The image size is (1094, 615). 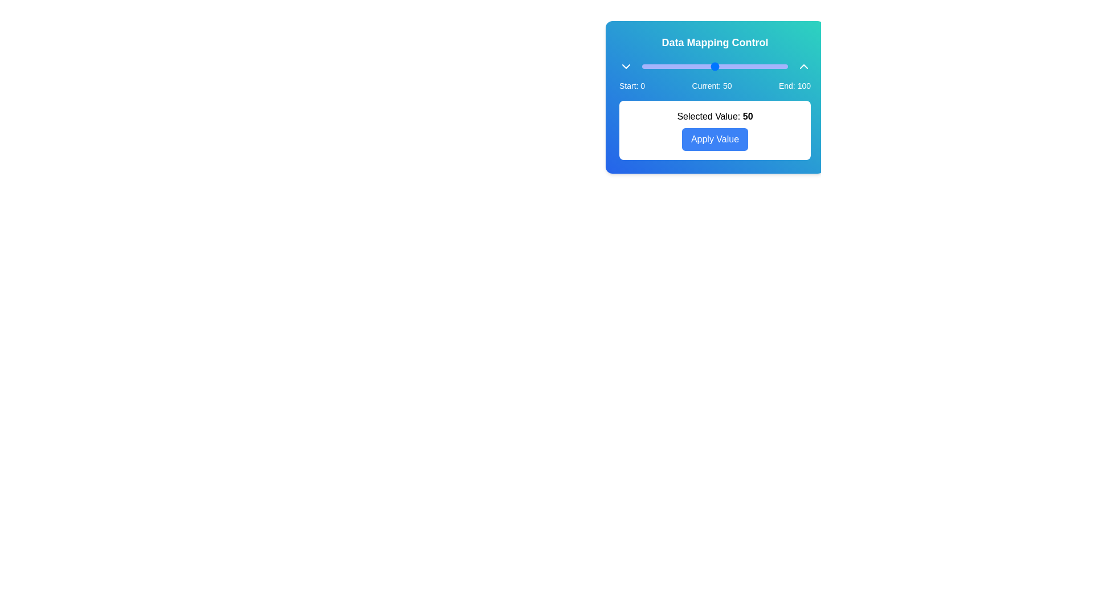 I want to click on the slider, so click(x=740, y=66).